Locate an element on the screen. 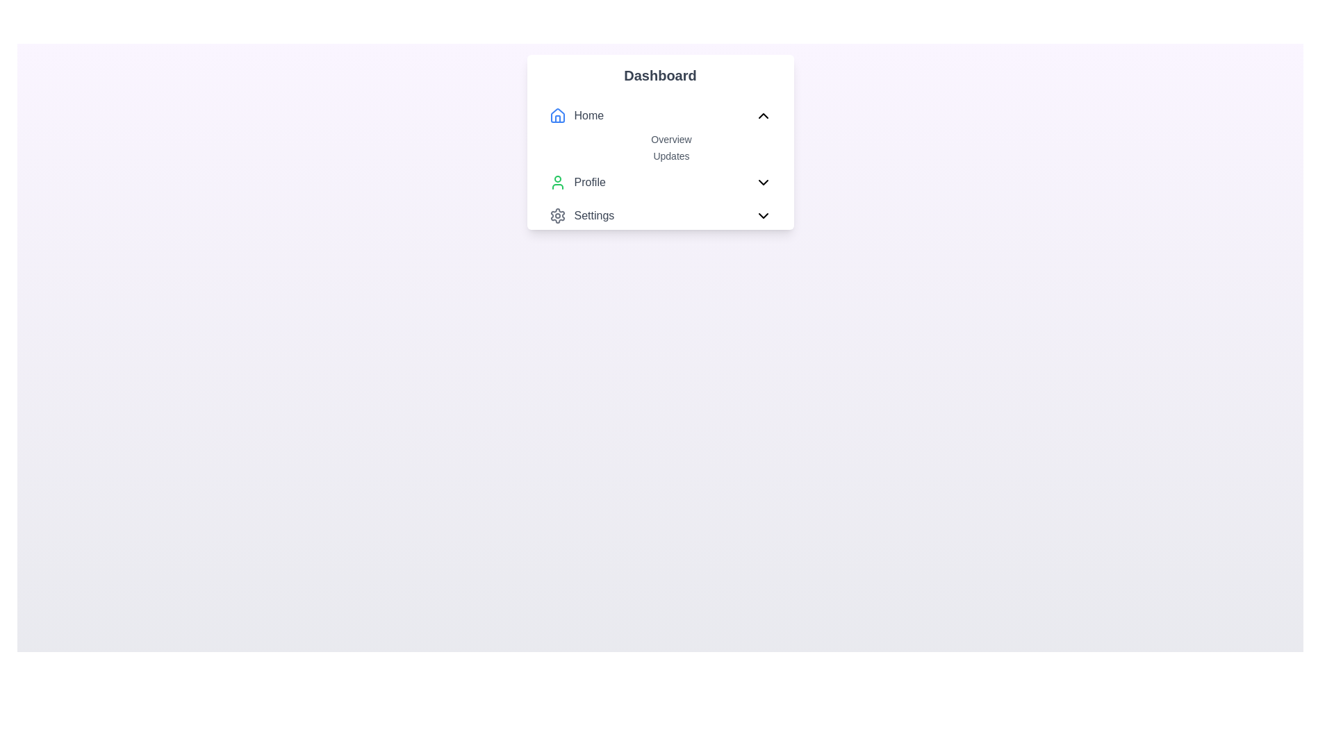 This screenshot has height=750, width=1334. the third item in the Navigation menu under the 'Dashboard' section is located at coordinates (659, 181).